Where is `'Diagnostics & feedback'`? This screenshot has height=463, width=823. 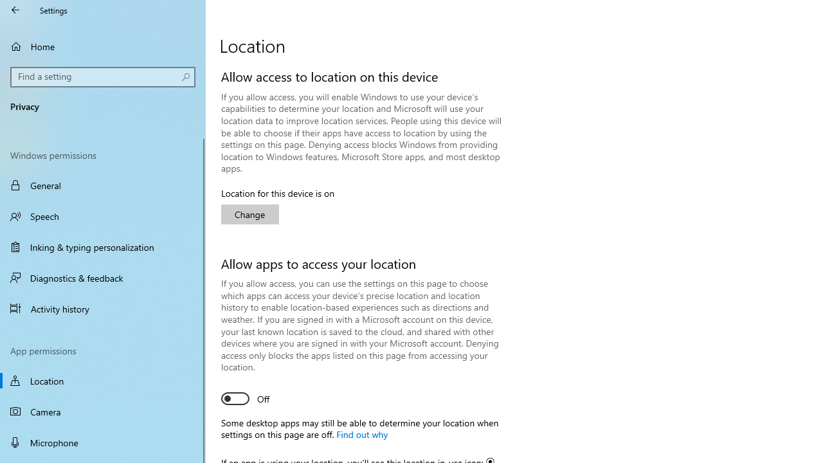 'Diagnostics & feedback' is located at coordinates (103, 277).